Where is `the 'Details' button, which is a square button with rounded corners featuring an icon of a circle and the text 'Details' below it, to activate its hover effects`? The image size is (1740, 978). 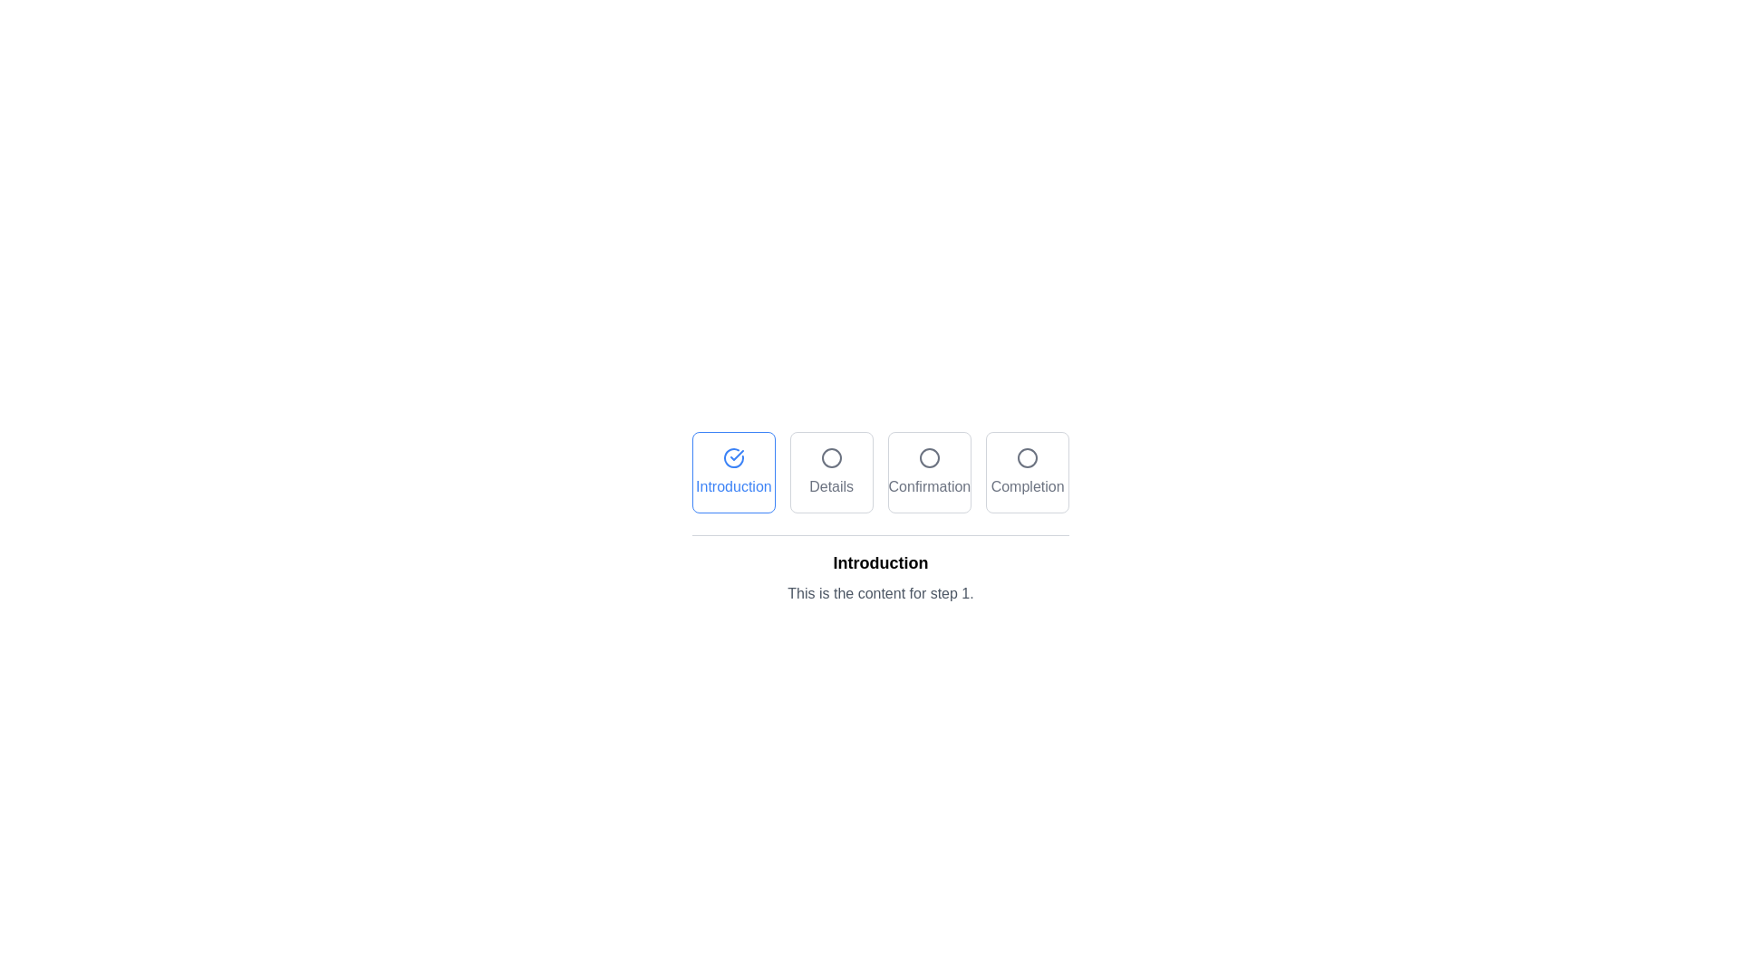
the 'Details' button, which is a square button with rounded corners featuring an icon of a circle and the text 'Details' below it, to activate its hover effects is located at coordinates (830, 471).